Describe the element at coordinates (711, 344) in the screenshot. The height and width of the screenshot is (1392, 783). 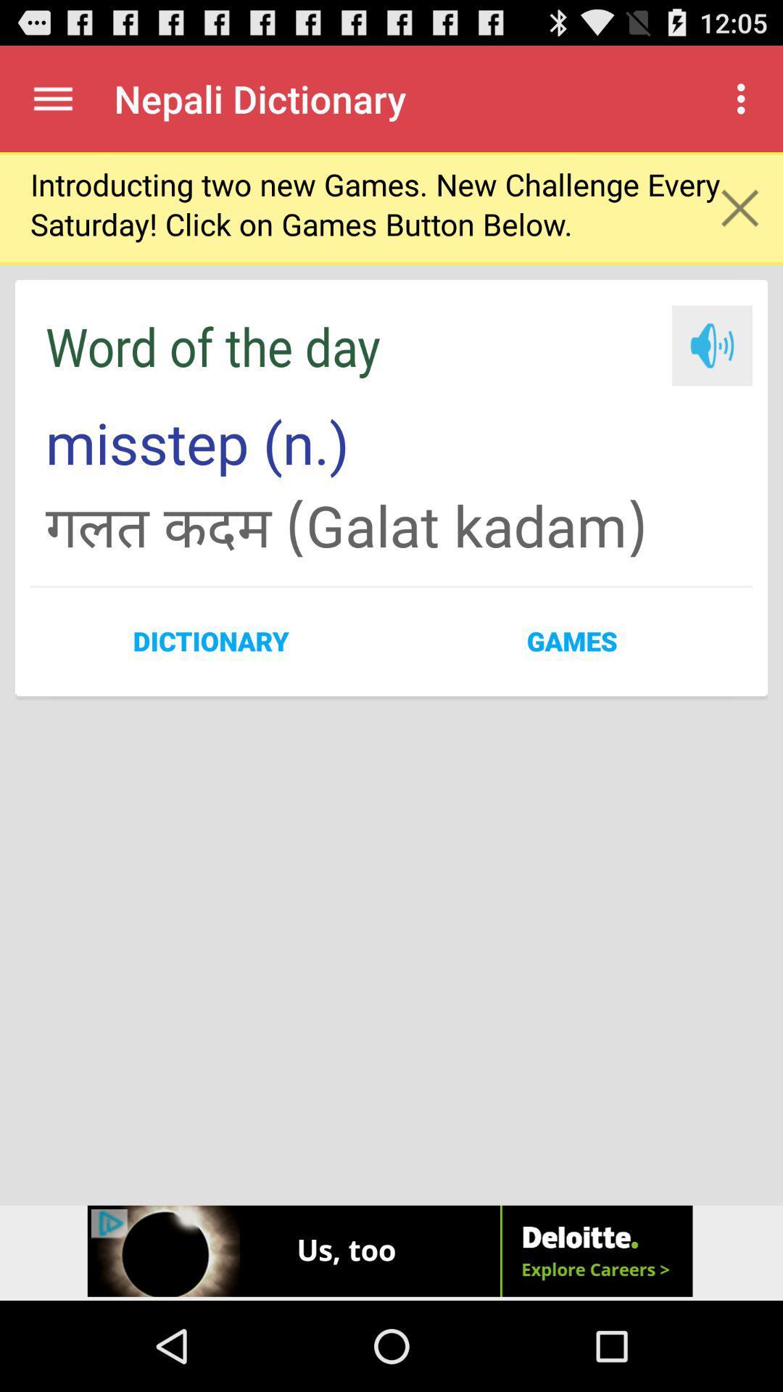
I see `listen to the pronounciation of the word` at that location.